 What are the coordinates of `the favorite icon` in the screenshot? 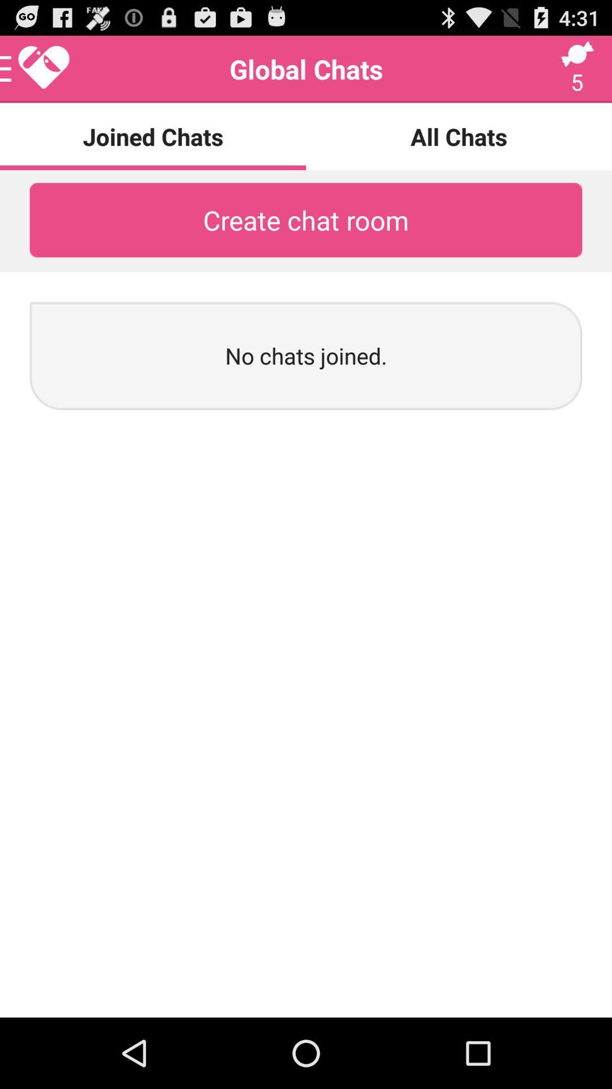 It's located at (35, 73).